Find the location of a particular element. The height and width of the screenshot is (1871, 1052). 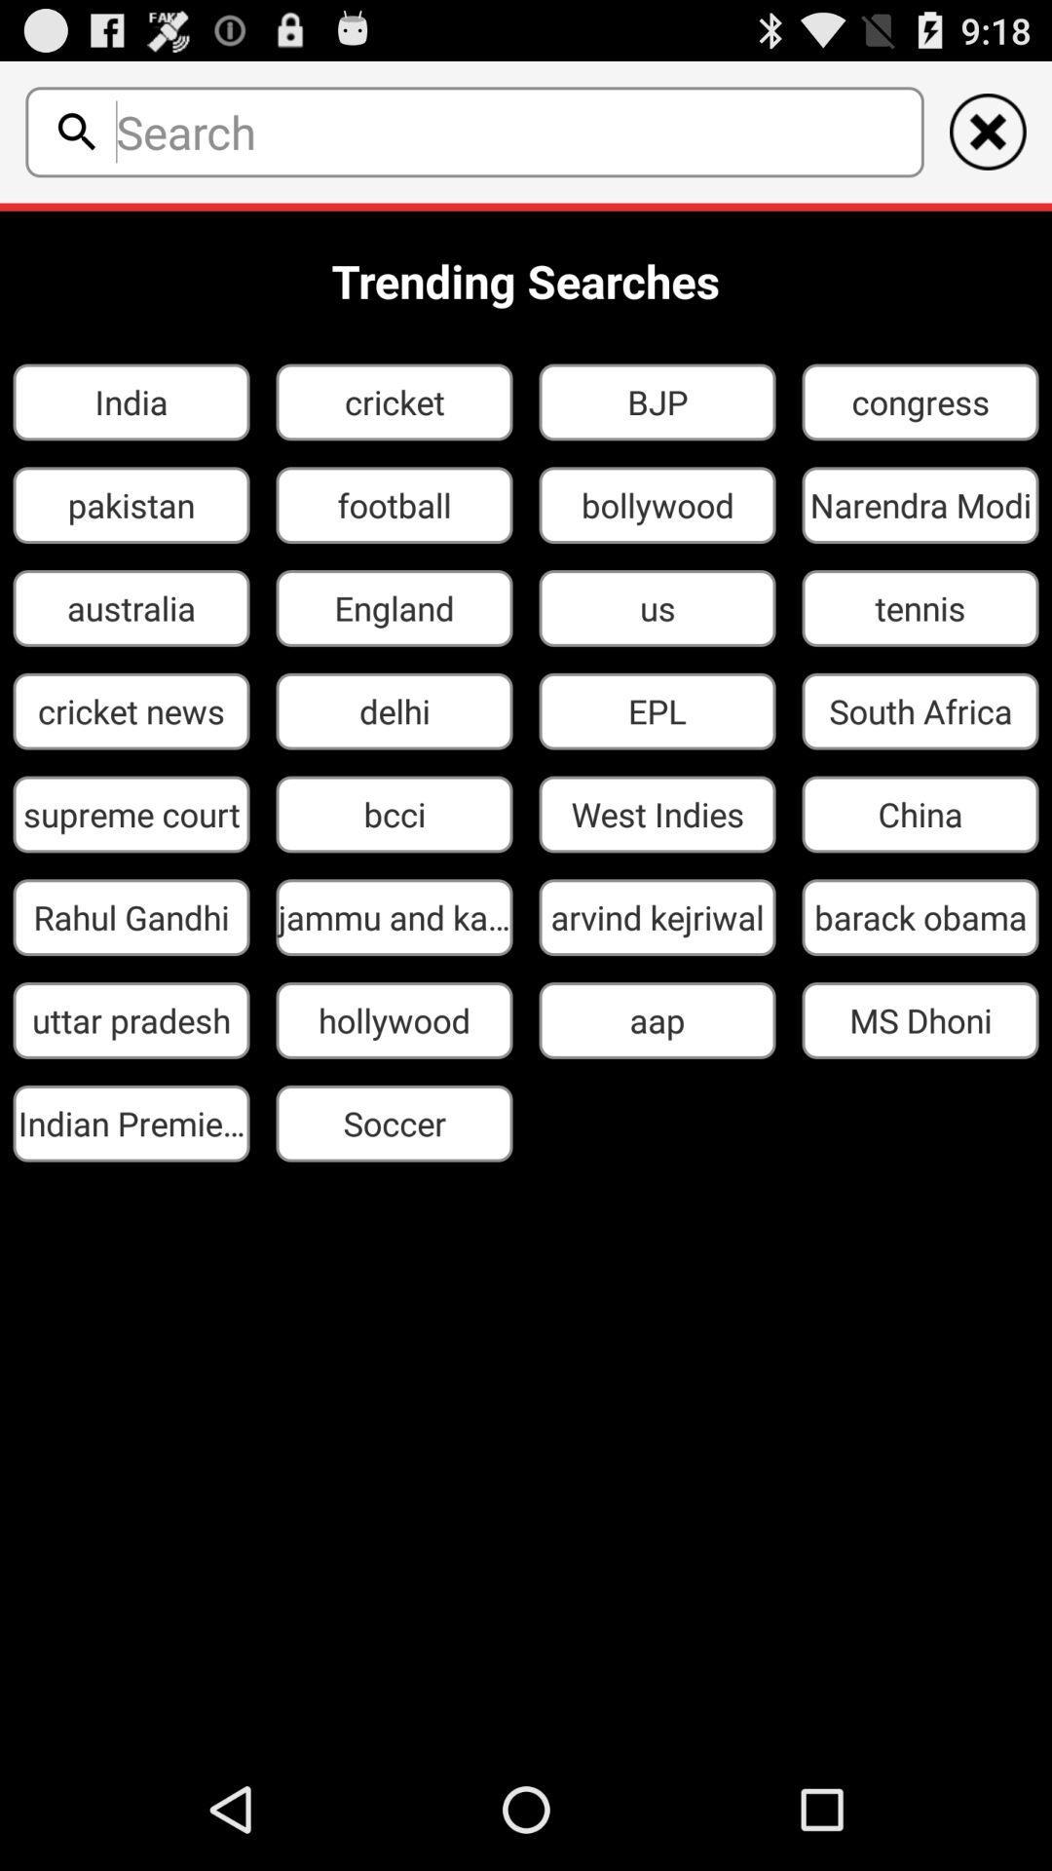

the close icon is located at coordinates (988, 139).